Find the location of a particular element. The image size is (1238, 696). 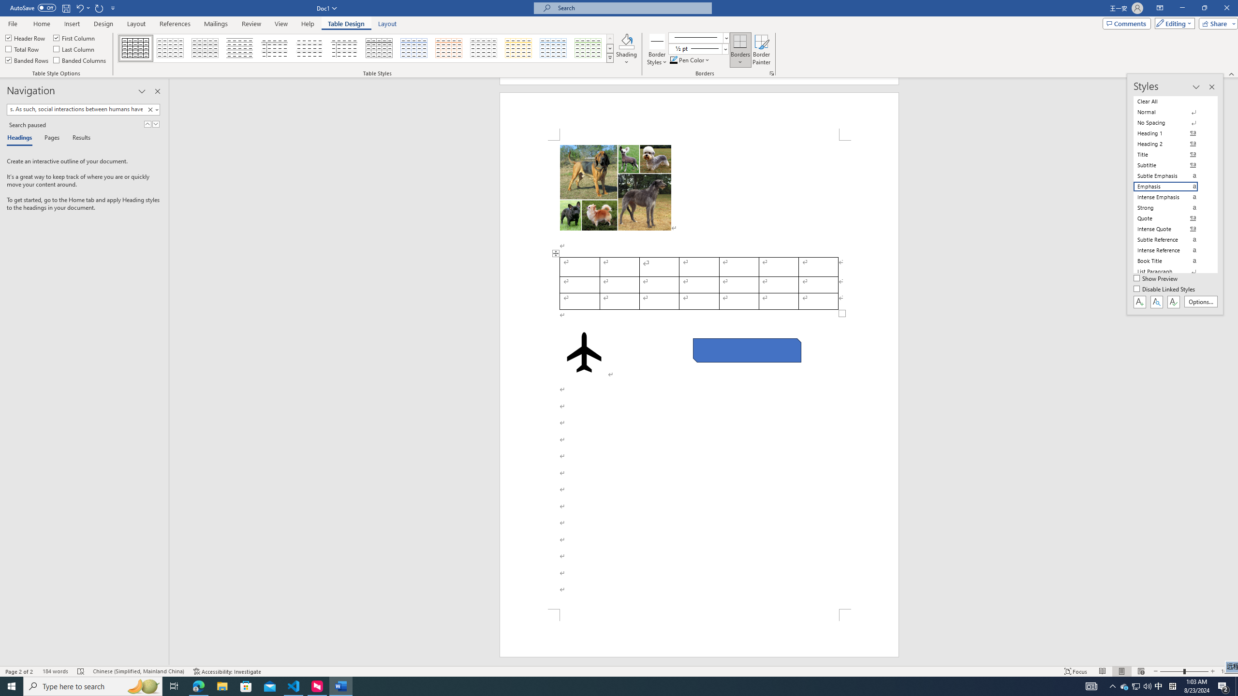

'Pen Color' is located at coordinates (690, 59).